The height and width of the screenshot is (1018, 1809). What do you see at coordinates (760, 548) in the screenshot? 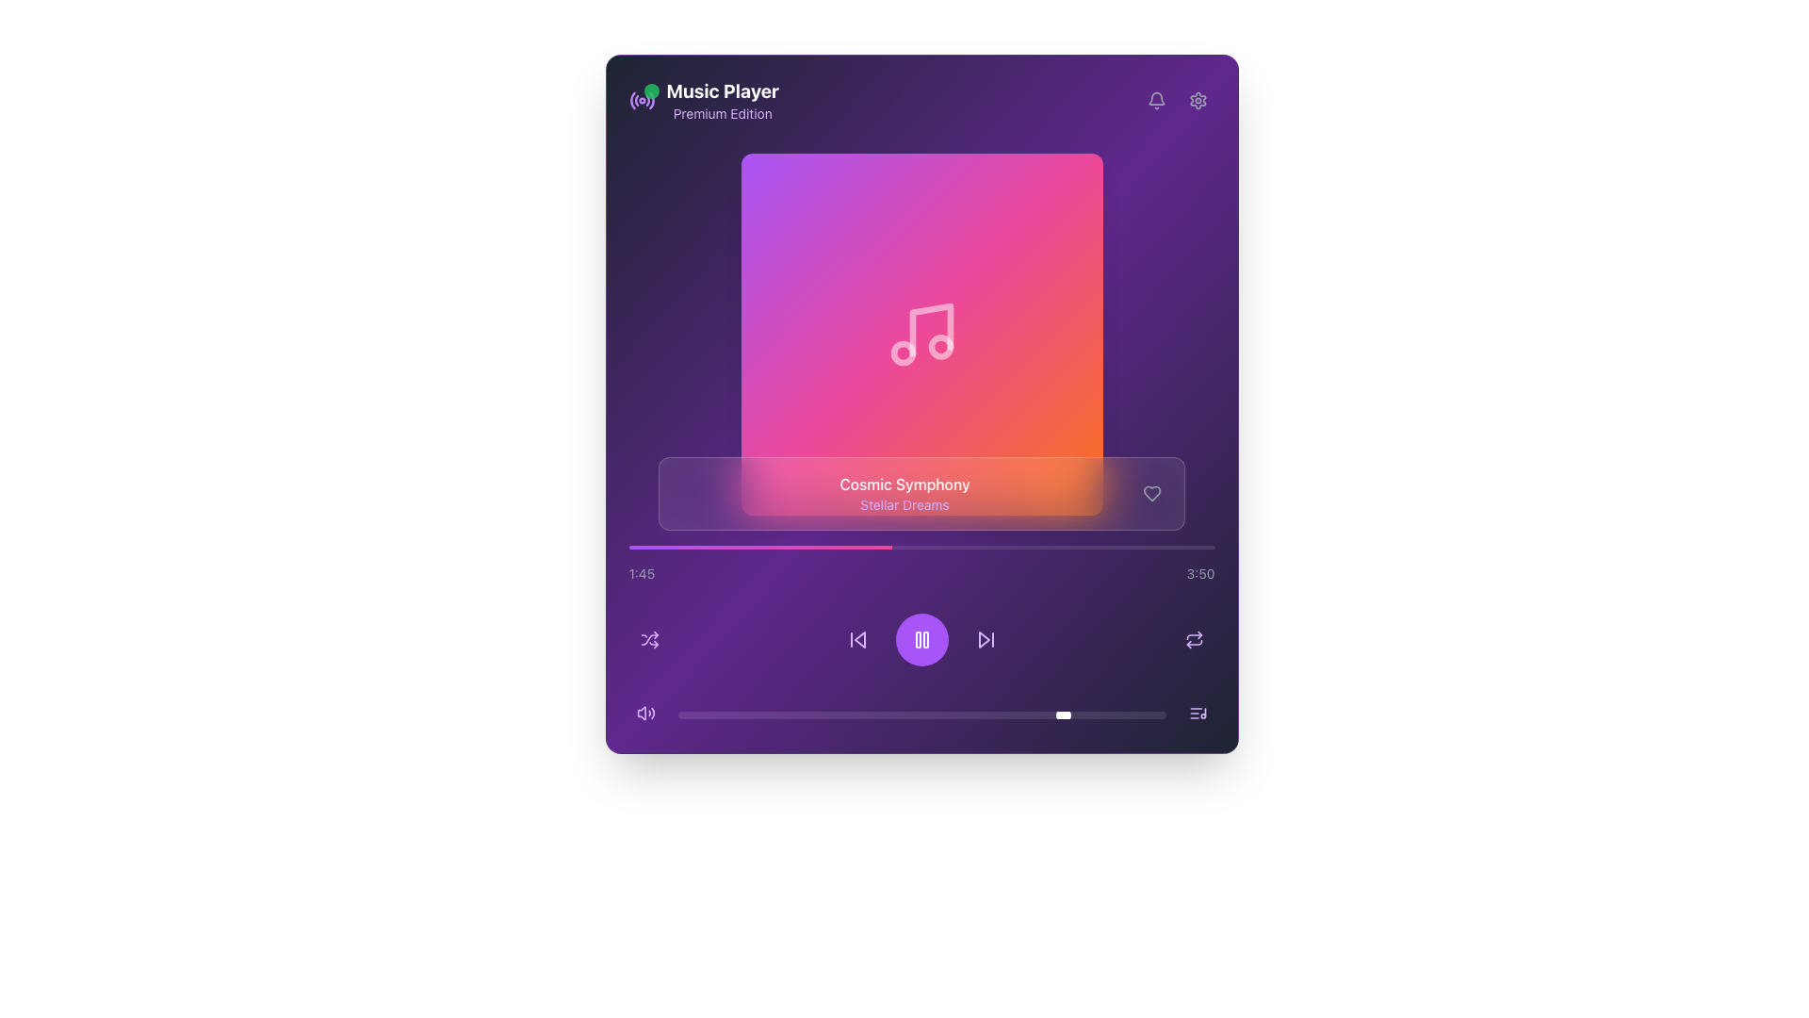
I see `the Progress indicator that visually represents the progress of an ongoing task, located at the lower third of the interface layout` at bounding box center [760, 548].